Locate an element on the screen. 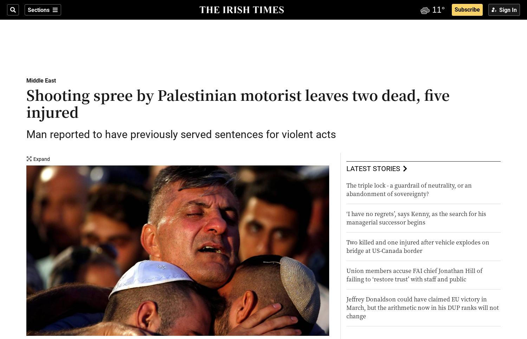  'Sign In' is located at coordinates (508, 9).